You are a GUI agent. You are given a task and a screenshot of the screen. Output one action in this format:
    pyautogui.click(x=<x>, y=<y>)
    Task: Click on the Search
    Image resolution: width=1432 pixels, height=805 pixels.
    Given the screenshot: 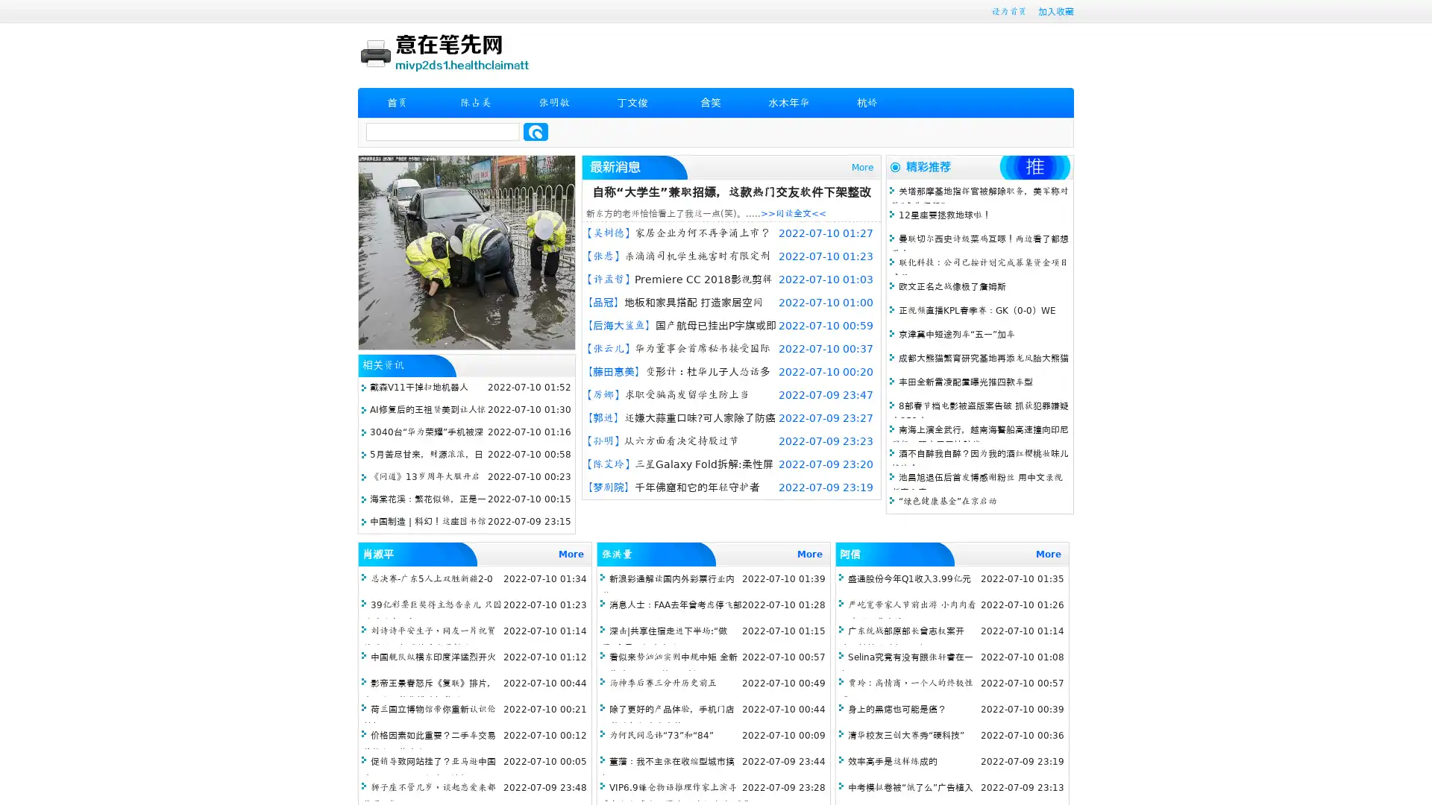 What is the action you would take?
    pyautogui.click(x=536, y=131)
    